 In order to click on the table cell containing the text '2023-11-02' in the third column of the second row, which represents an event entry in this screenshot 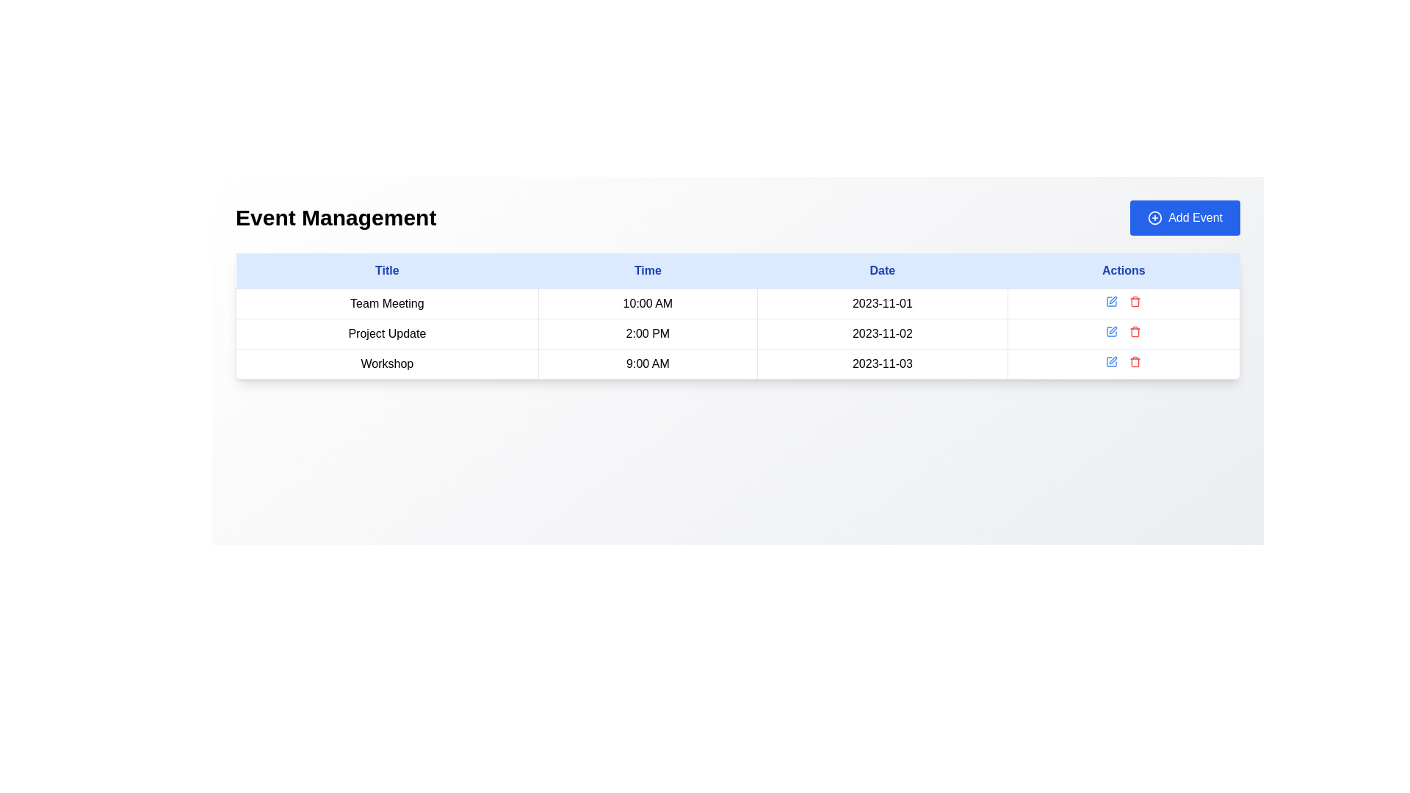, I will do `click(881, 334)`.